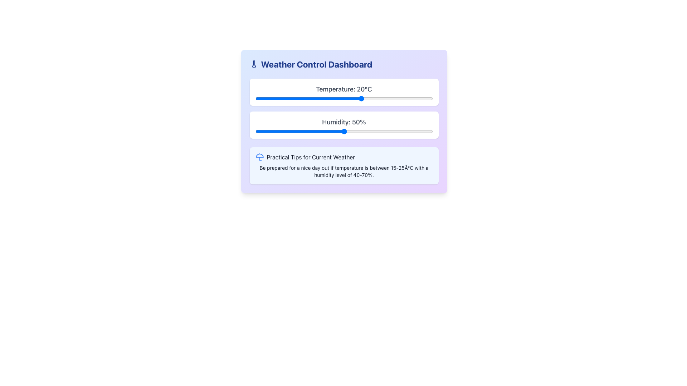 This screenshot has width=687, height=386. I want to click on the interactive slider to adjust the temperature value displayed as 20°C, which is located in the first section above the humidity label, so click(344, 92).